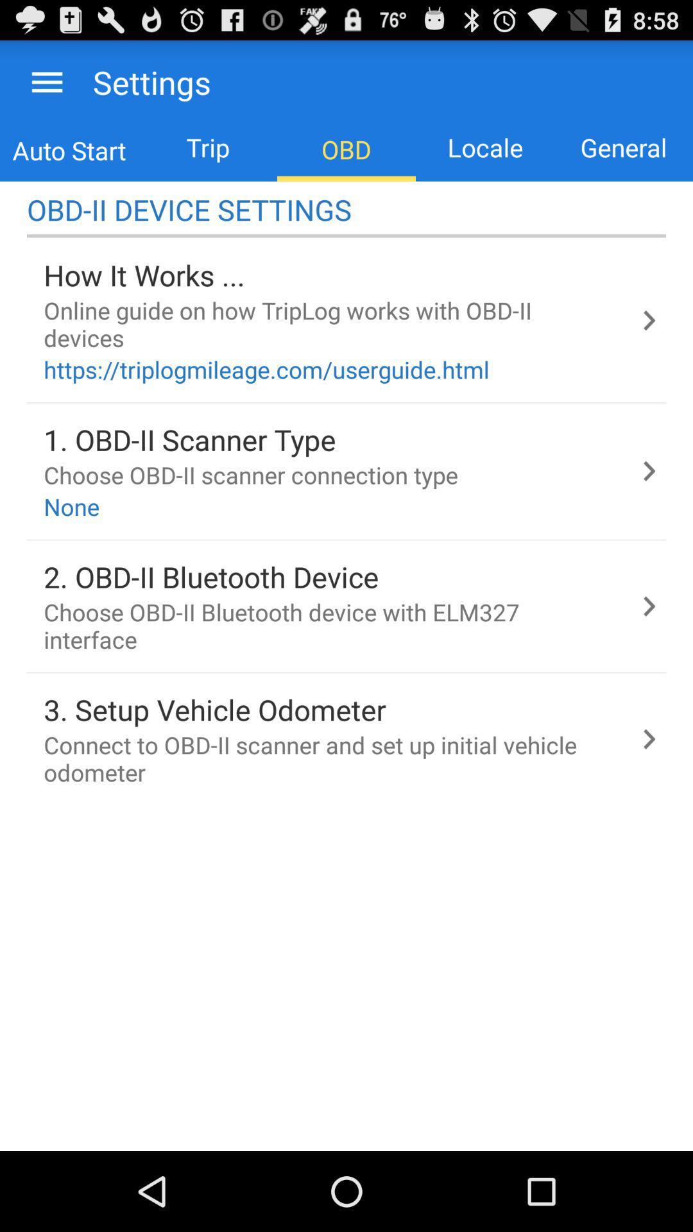 This screenshot has width=693, height=1232. What do you see at coordinates (623, 148) in the screenshot?
I see `the button next to locale` at bounding box center [623, 148].